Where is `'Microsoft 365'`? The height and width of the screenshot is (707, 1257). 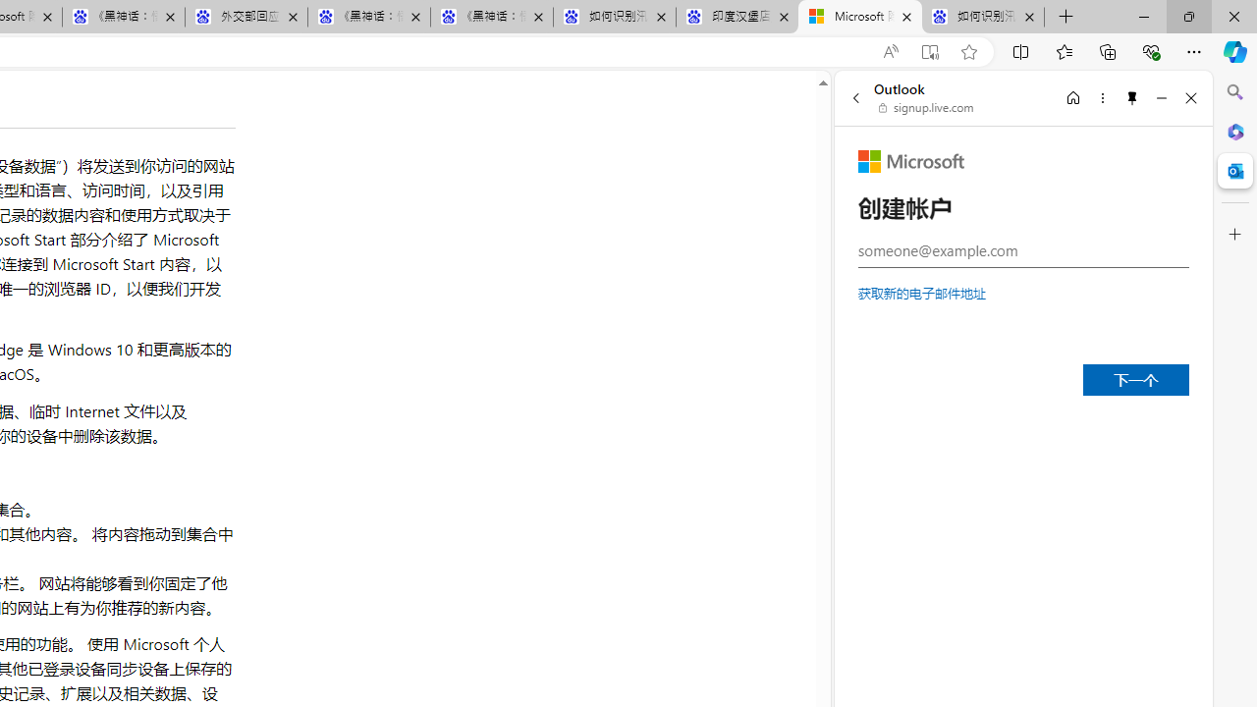 'Microsoft 365' is located at coordinates (1234, 131).